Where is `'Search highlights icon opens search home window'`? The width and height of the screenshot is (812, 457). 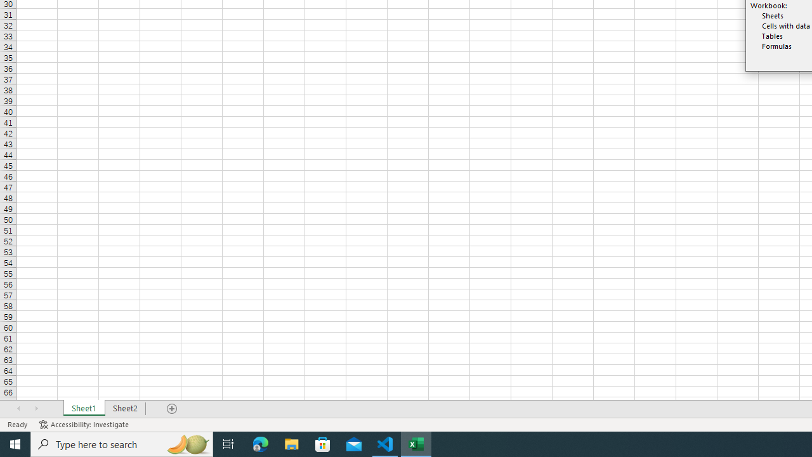
'Search highlights icon opens search home window' is located at coordinates (187, 443).